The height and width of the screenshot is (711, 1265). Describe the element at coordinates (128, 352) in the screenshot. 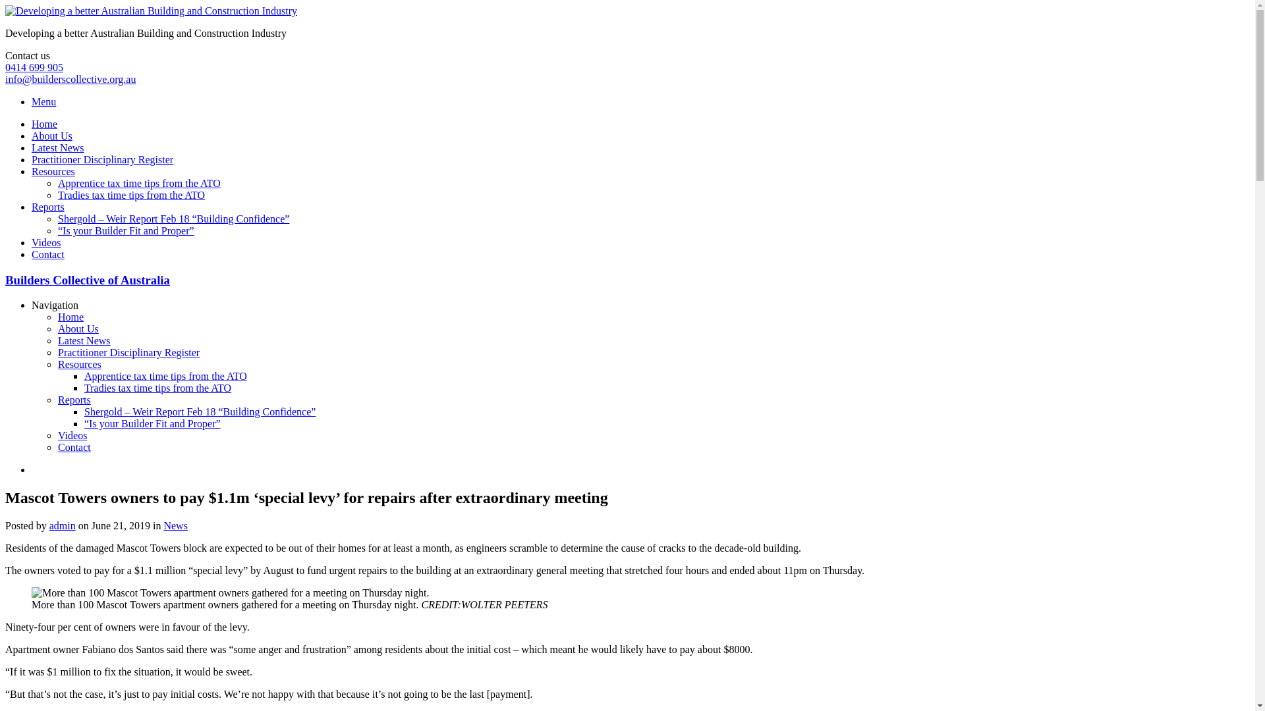

I see `'Practitioner Disciplinary Register'` at that location.